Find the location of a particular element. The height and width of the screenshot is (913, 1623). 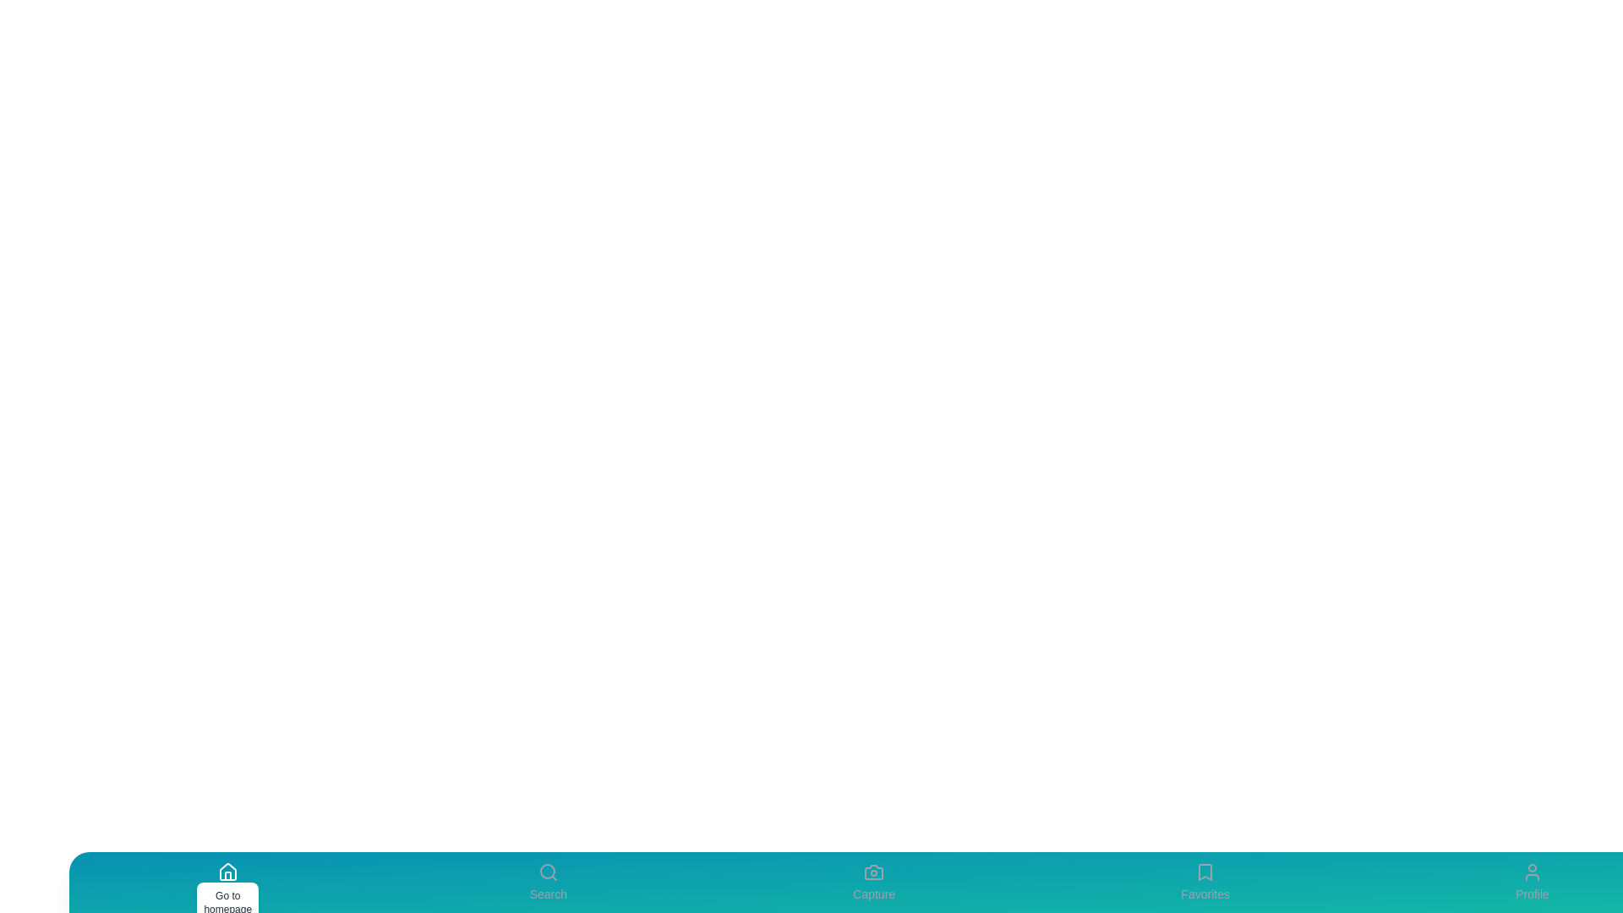

the Home icon to perform its associated action is located at coordinates (227, 882).